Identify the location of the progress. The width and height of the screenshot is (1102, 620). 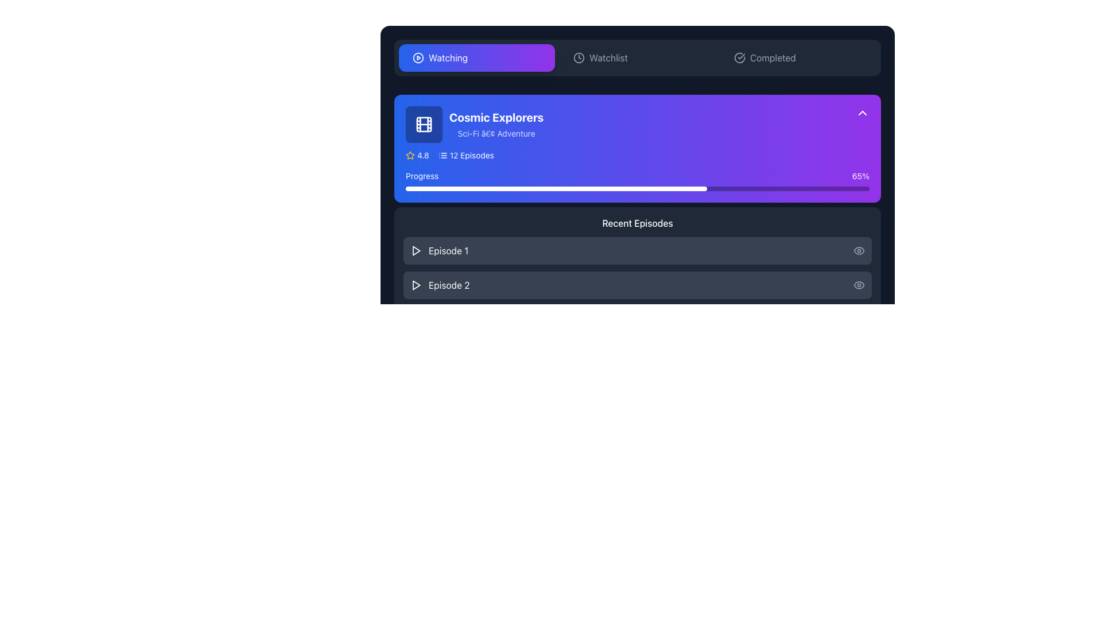
(563, 450).